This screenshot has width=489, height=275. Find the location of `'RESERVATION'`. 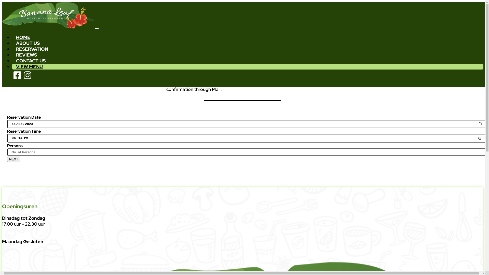

'RESERVATION' is located at coordinates (32, 49).